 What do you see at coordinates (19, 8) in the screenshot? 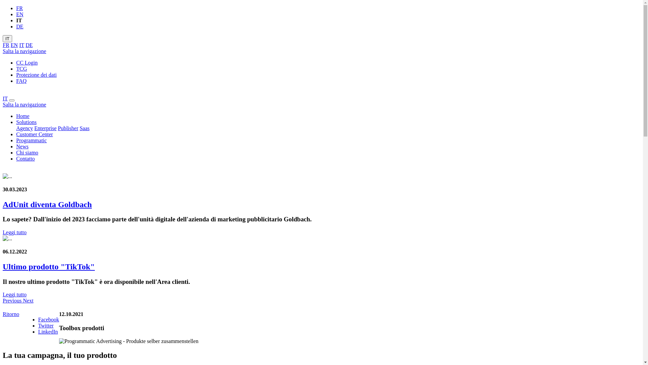
I see `'FR'` at bounding box center [19, 8].